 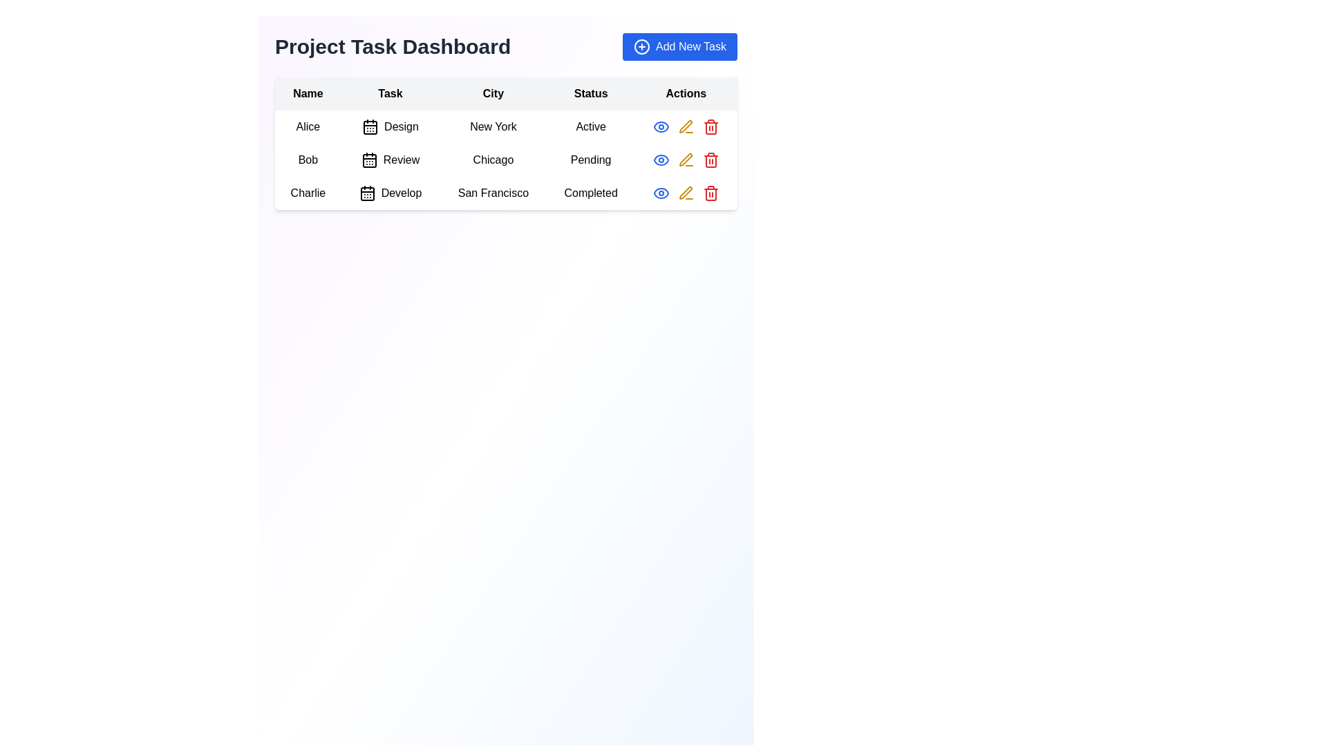 I want to click on text from the 'Name' label, which is a bold black font on a light gray background, located in the first column of the table header under 'Project Task Dashboard', so click(x=308, y=93).